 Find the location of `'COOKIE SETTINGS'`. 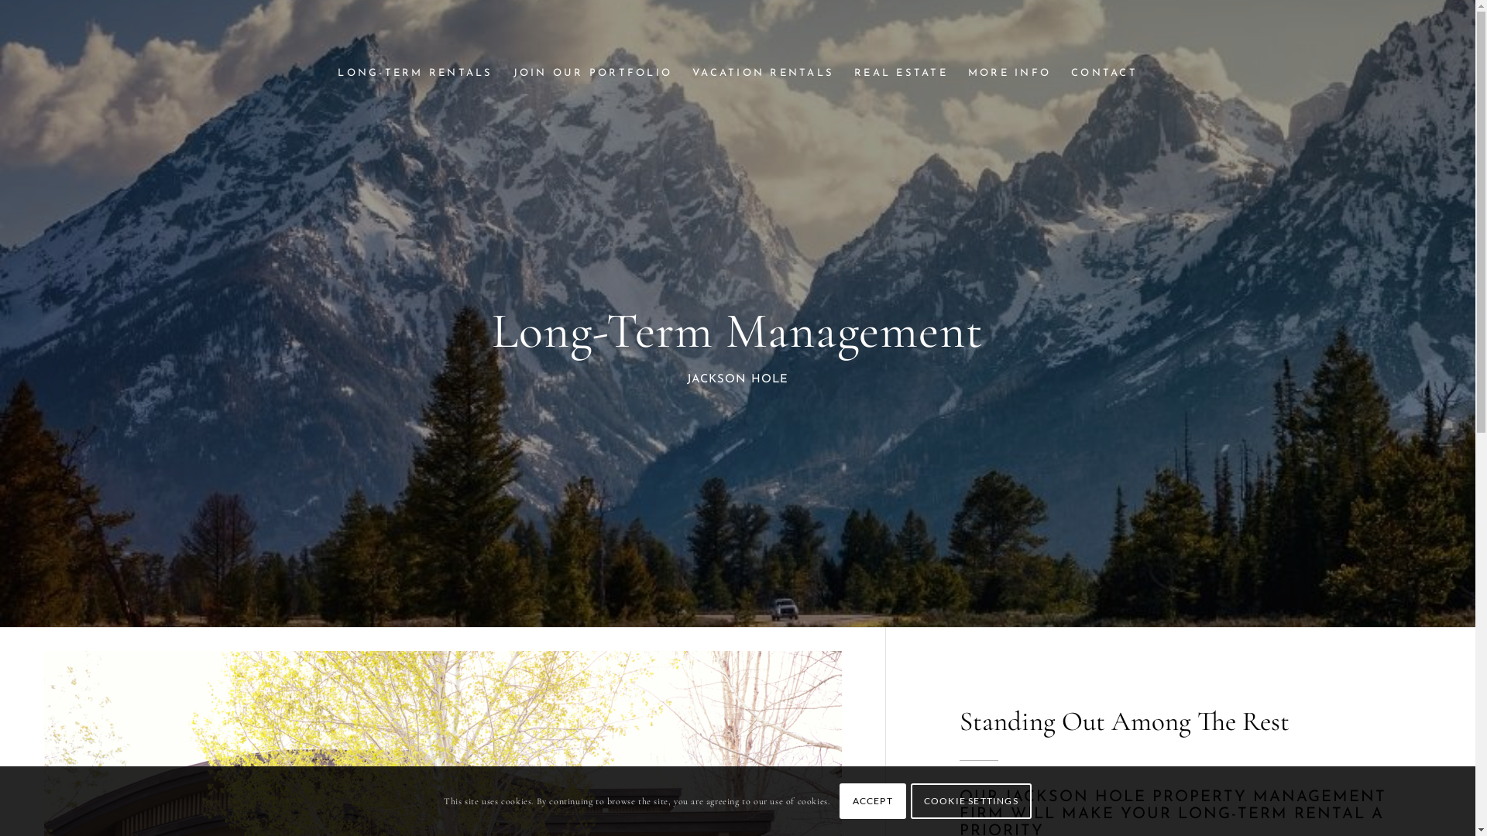

'COOKIE SETTINGS' is located at coordinates (970, 800).